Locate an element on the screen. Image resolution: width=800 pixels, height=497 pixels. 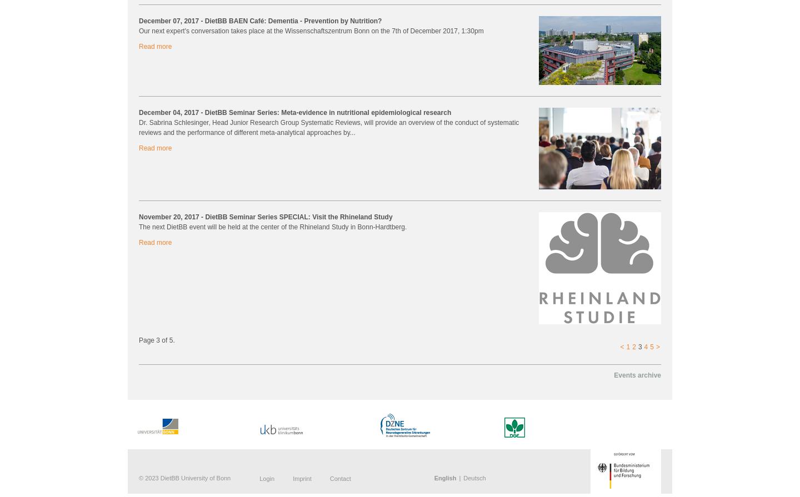
'Our next expert's conversation takes place at the Wissenschaftszentrum Bonn on the 7th of December 2017, 1:30pm' is located at coordinates (311, 31).